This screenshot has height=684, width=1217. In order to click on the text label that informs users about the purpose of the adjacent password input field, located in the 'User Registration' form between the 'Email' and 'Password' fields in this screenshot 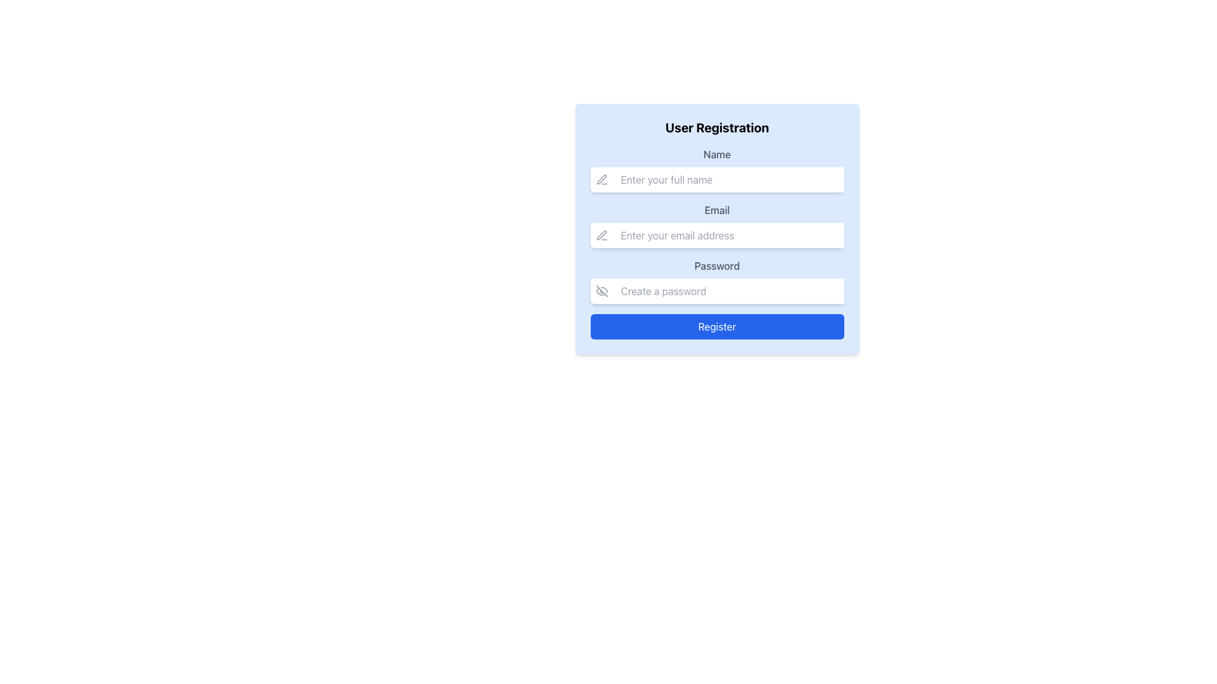, I will do `click(717, 265)`.